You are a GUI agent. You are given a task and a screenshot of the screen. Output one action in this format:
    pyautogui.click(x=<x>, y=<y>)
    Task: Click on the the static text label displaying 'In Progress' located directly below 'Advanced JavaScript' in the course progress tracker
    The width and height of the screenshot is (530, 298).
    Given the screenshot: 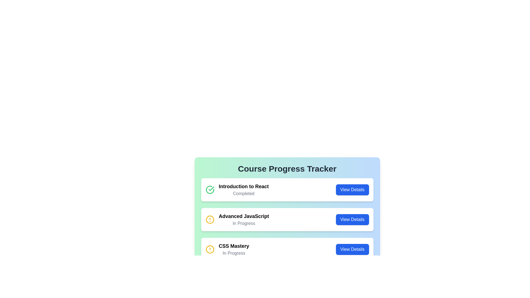 What is the action you would take?
    pyautogui.click(x=243, y=223)
    